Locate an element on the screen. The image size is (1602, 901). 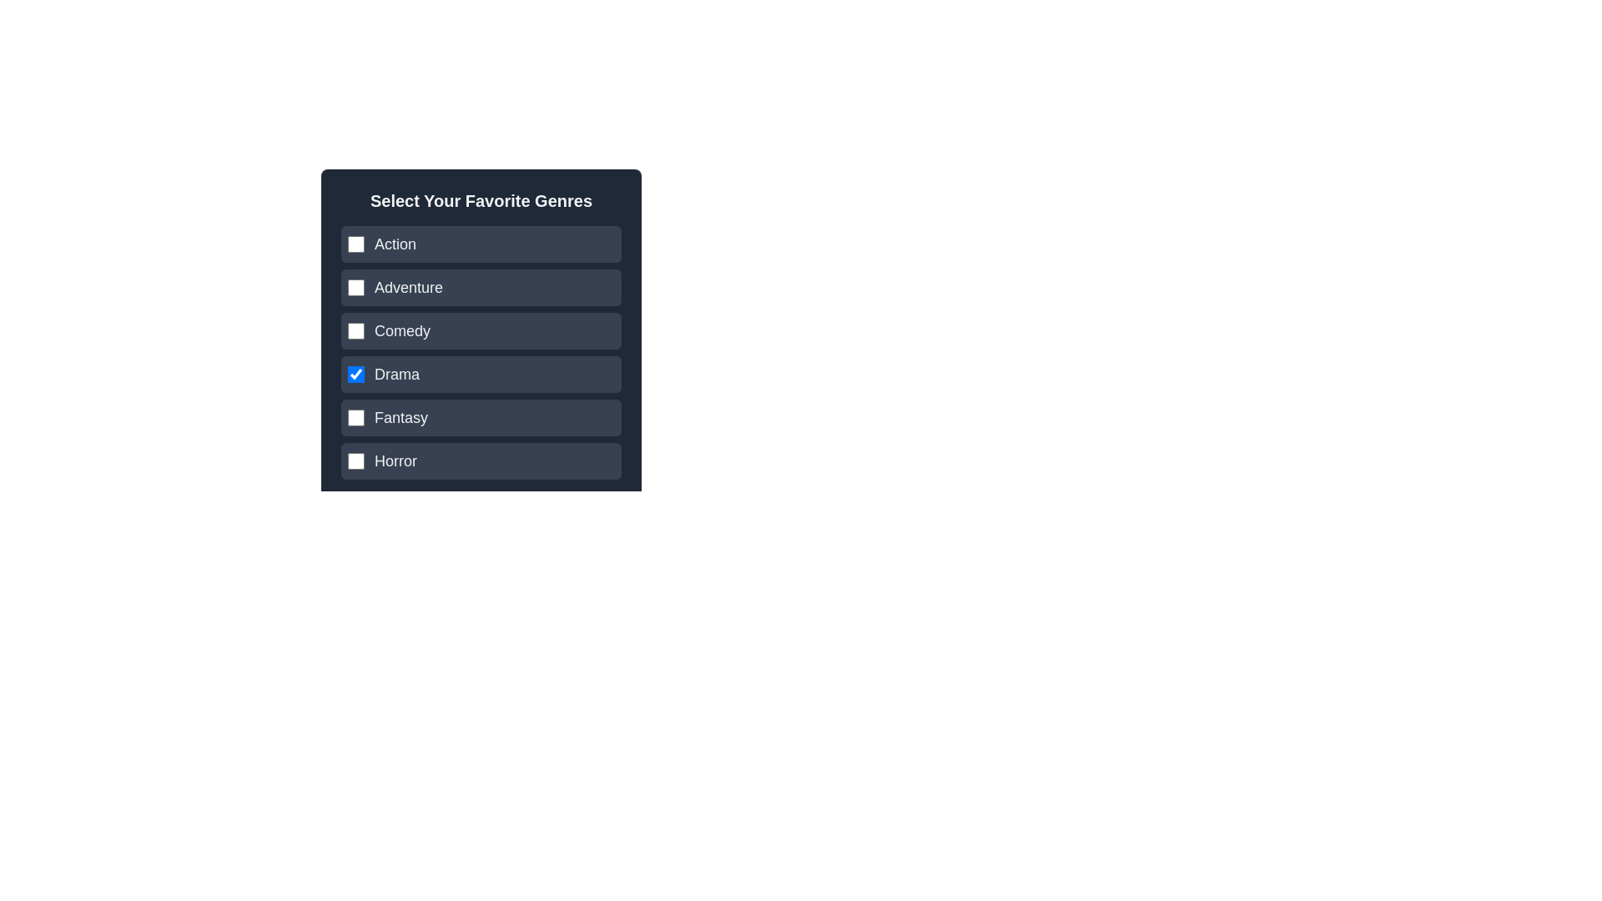
the checkbox labeled 'Horror' is located at coordinates (480, 461).